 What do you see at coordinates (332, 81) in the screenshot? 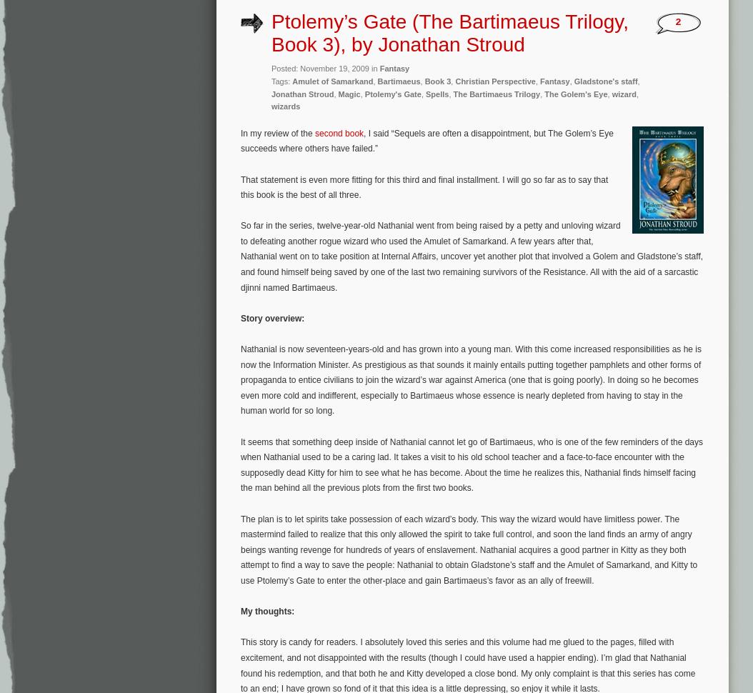
I see `'Amulet of Samarkand'` at bounding box center [332, 81].